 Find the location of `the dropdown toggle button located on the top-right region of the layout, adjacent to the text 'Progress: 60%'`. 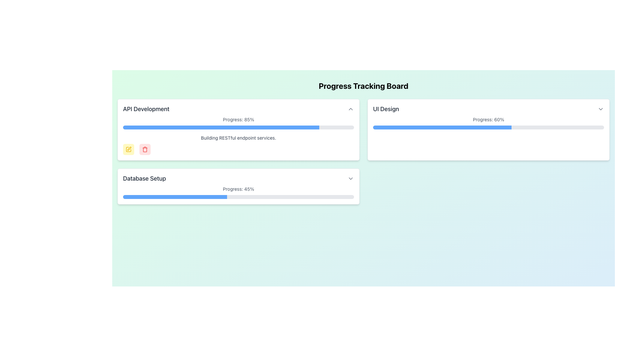

the dropdown toggle button located on the top-right region of the layout, adjacent to the text 'Progress: 60%' is located at coordinates (600, 108).